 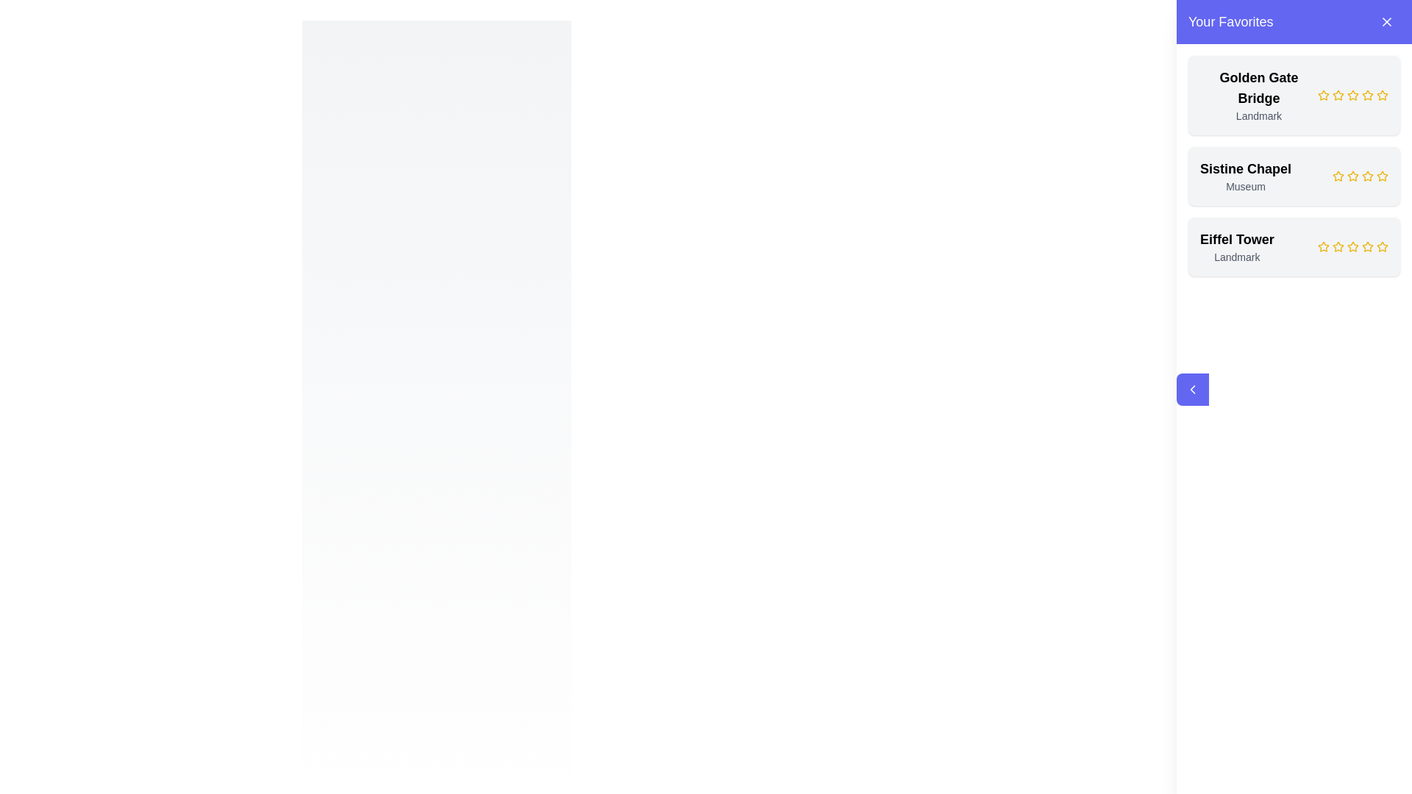 What do you see at coordinates (1367, 175) in the screenshot?
I see `the second star icon` at bounding box center [1367, 175].